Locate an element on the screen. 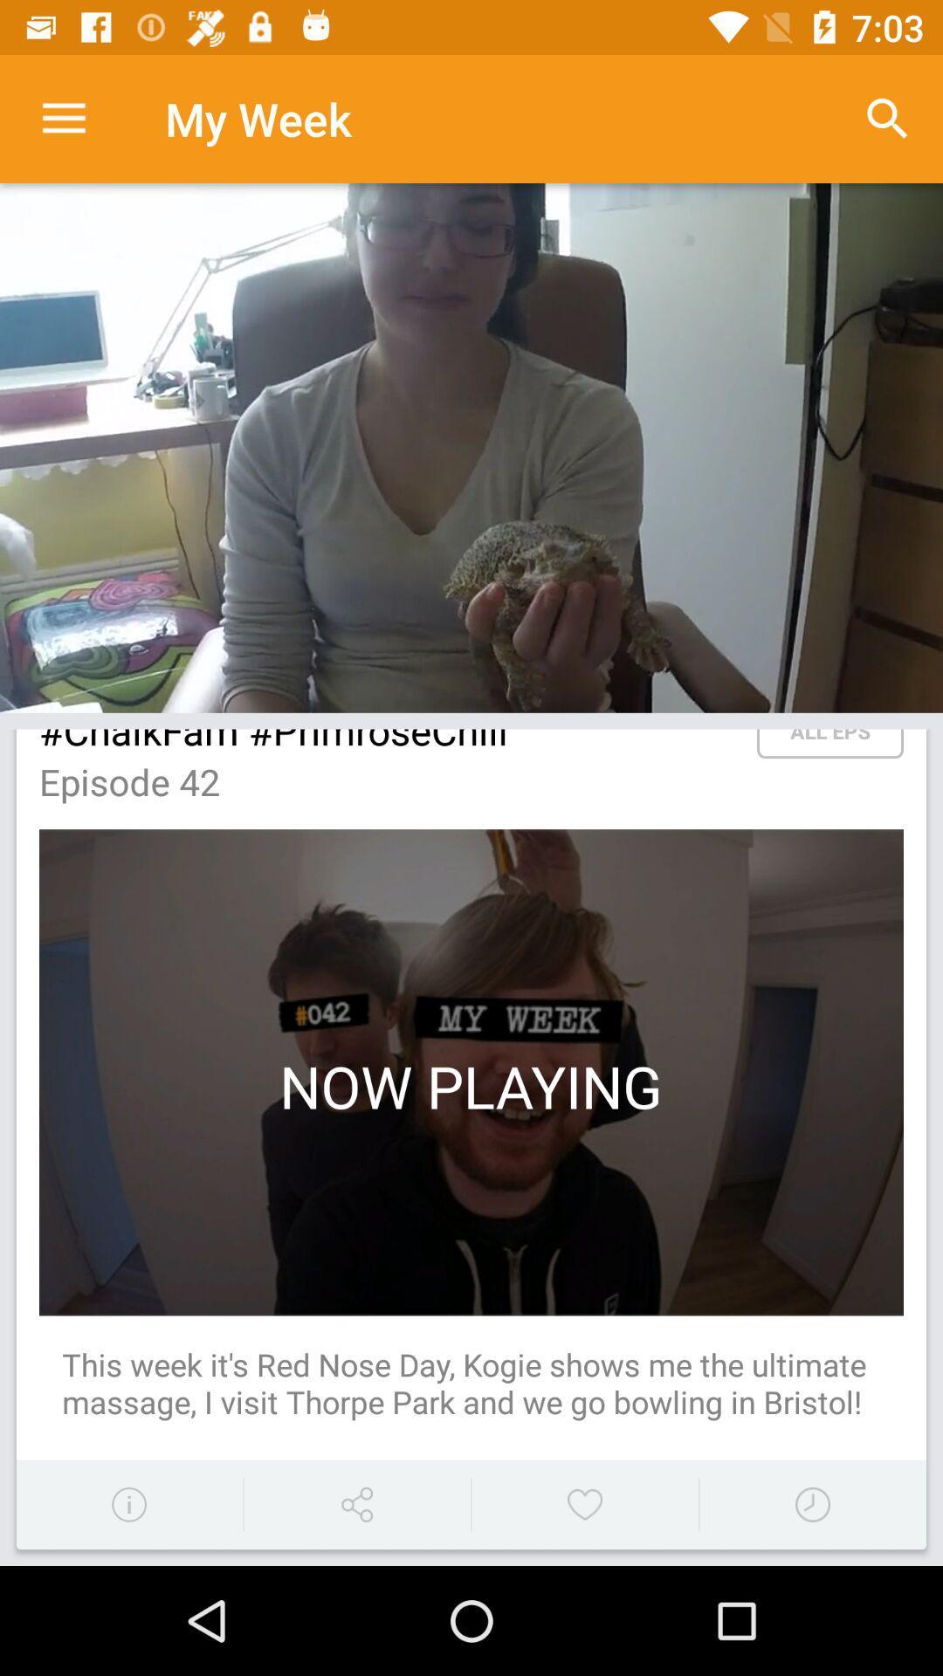 The height and width of the screenshot is (1676, 943). the button which is next to the like button is located at coordinates (812, 1503).